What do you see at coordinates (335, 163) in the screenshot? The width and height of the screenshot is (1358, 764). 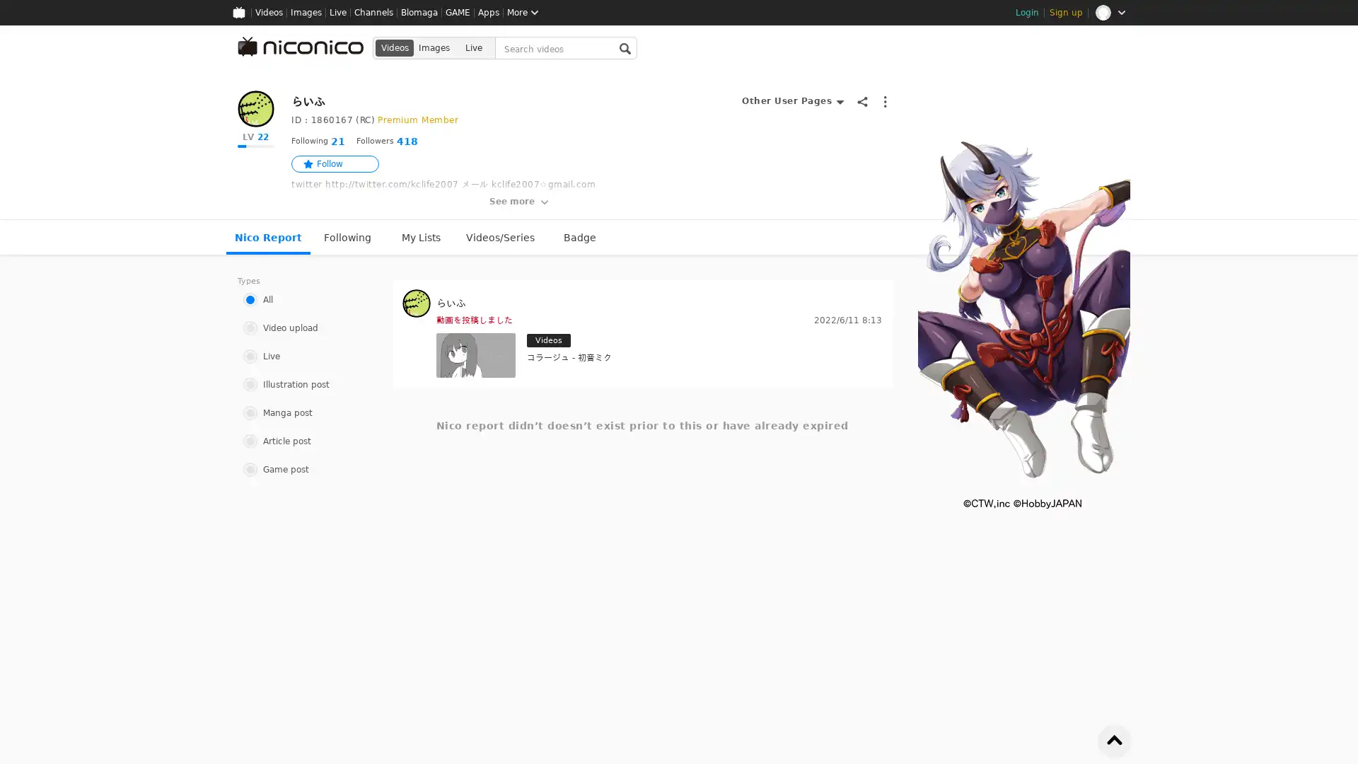 I see `Follow` at bounding box center [335, 163].